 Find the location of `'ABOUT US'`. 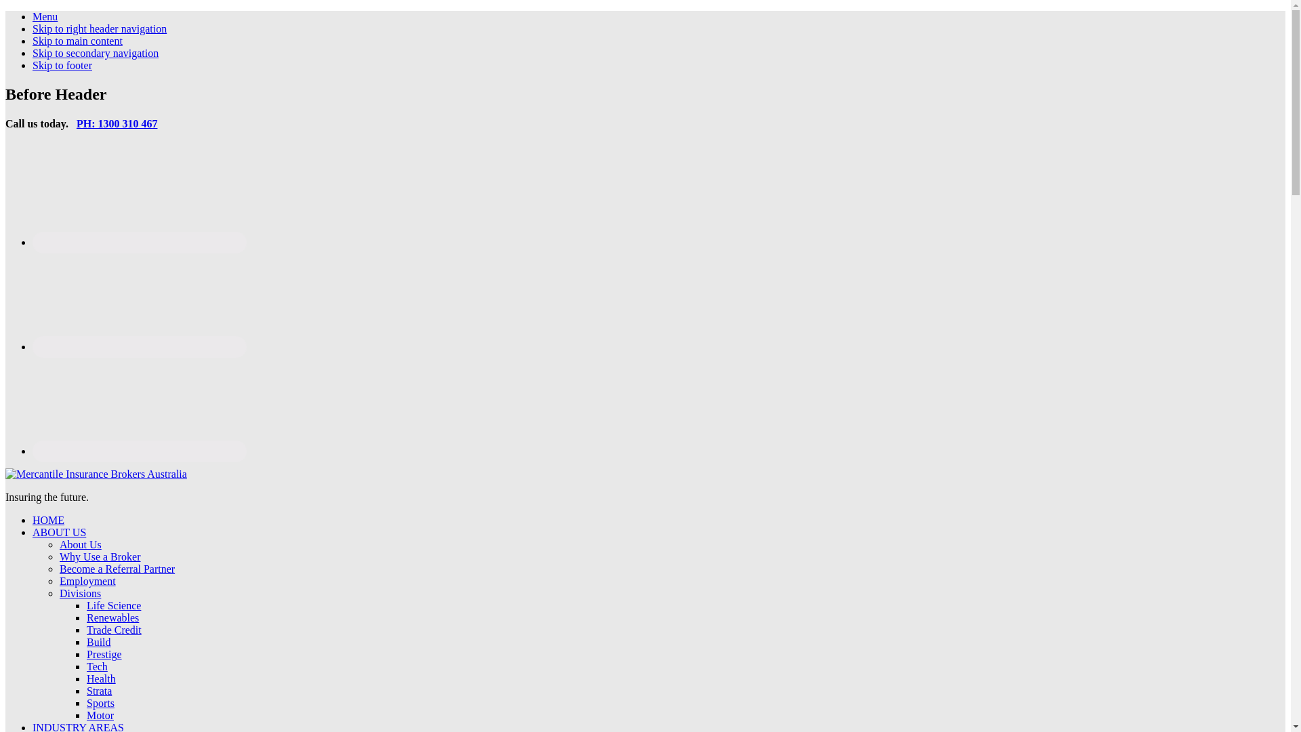

'ABOUT US' is located at coordinates (33, 531).